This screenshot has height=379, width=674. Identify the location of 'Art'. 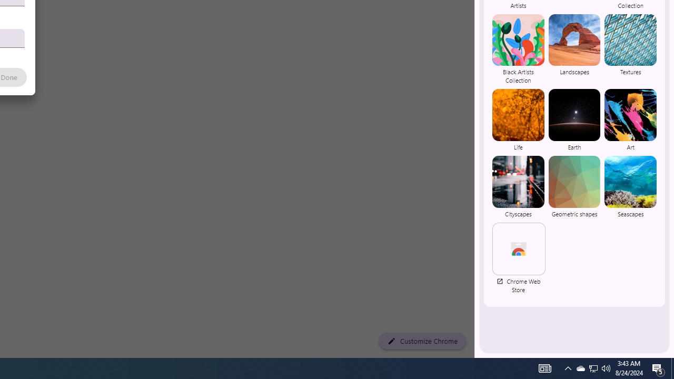
(630, 119).